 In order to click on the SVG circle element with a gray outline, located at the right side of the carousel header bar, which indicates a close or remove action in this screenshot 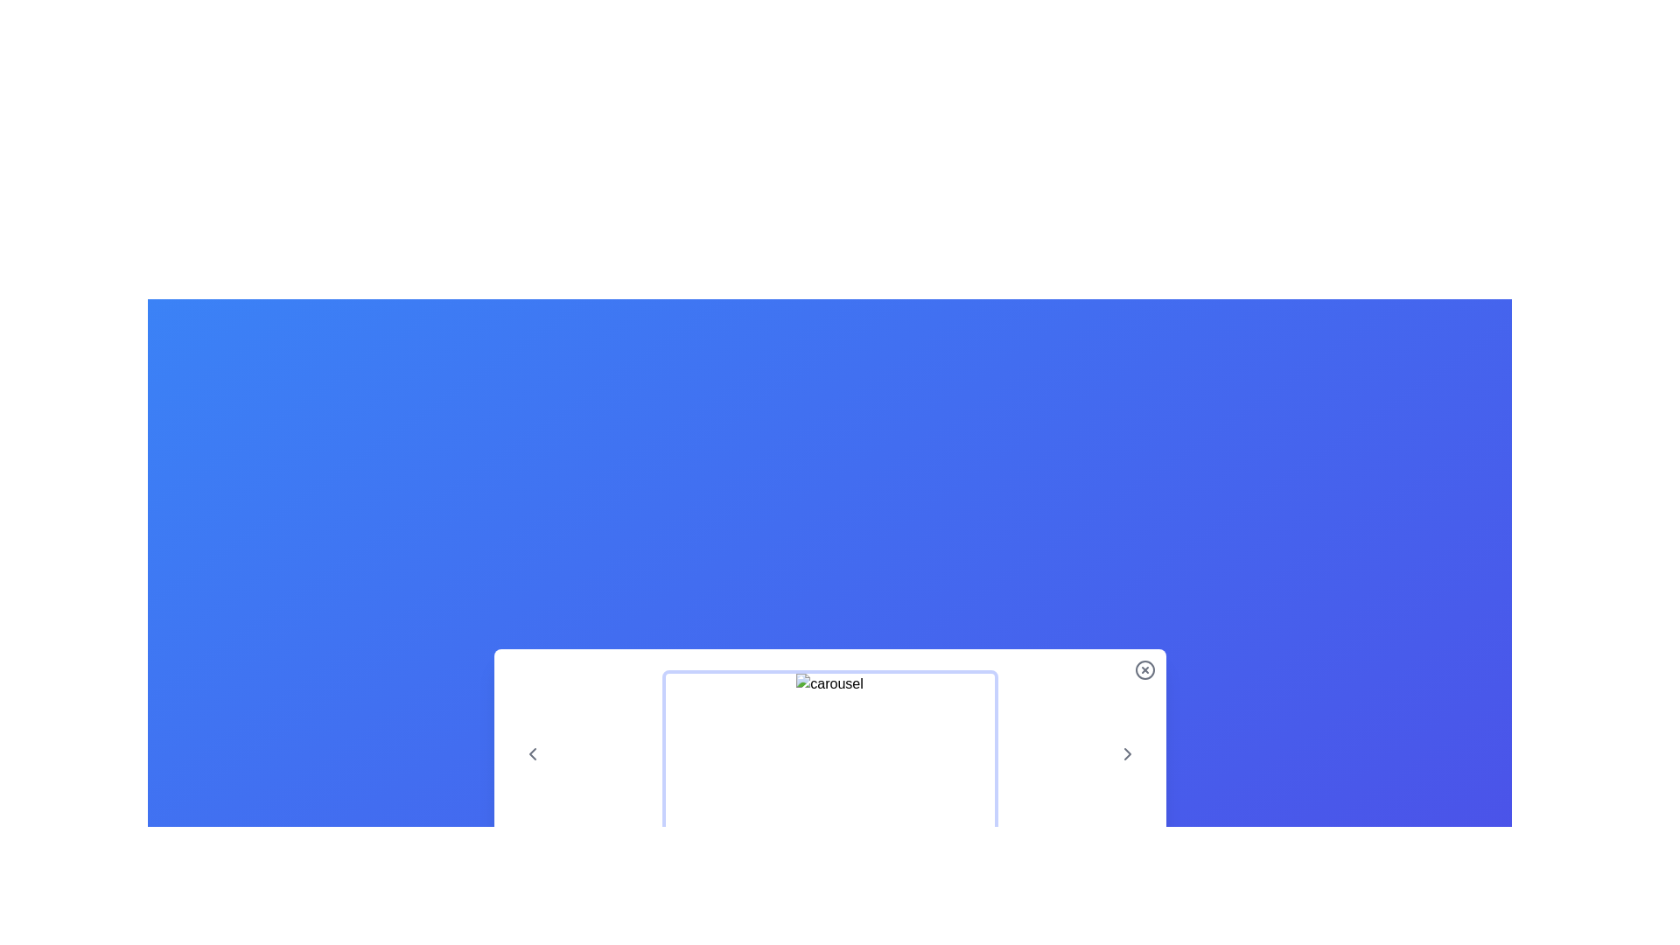, I will do `click(1144, 669)`.